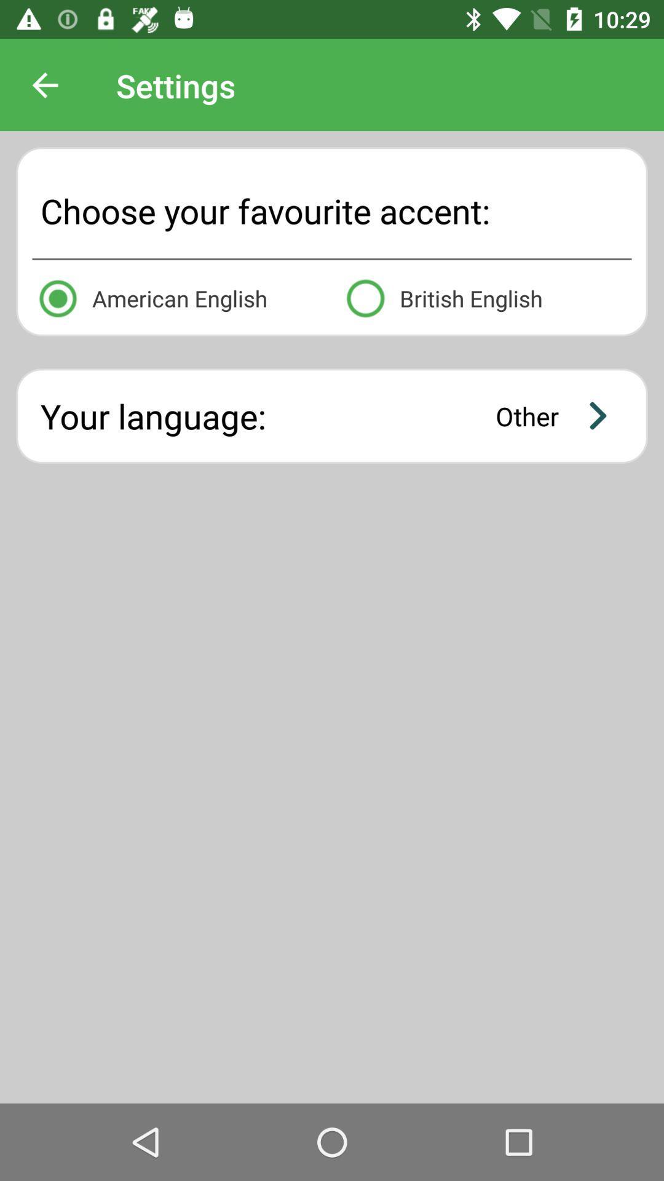 This screenshot has width=664, height=1181. I want to click on the icon next to the british english item, so click(178, 296).